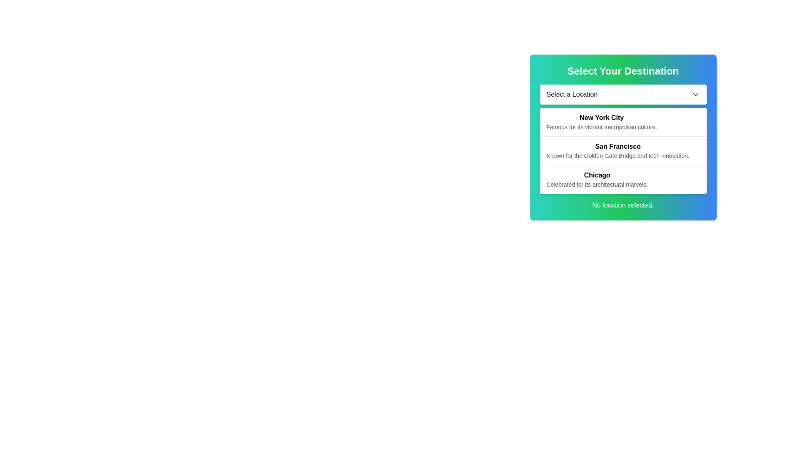  I want to click on the text label identifying the city 'Chicago' in the list of destinations under the dropdown labeled 'Select a Location.', so click(597, 175).